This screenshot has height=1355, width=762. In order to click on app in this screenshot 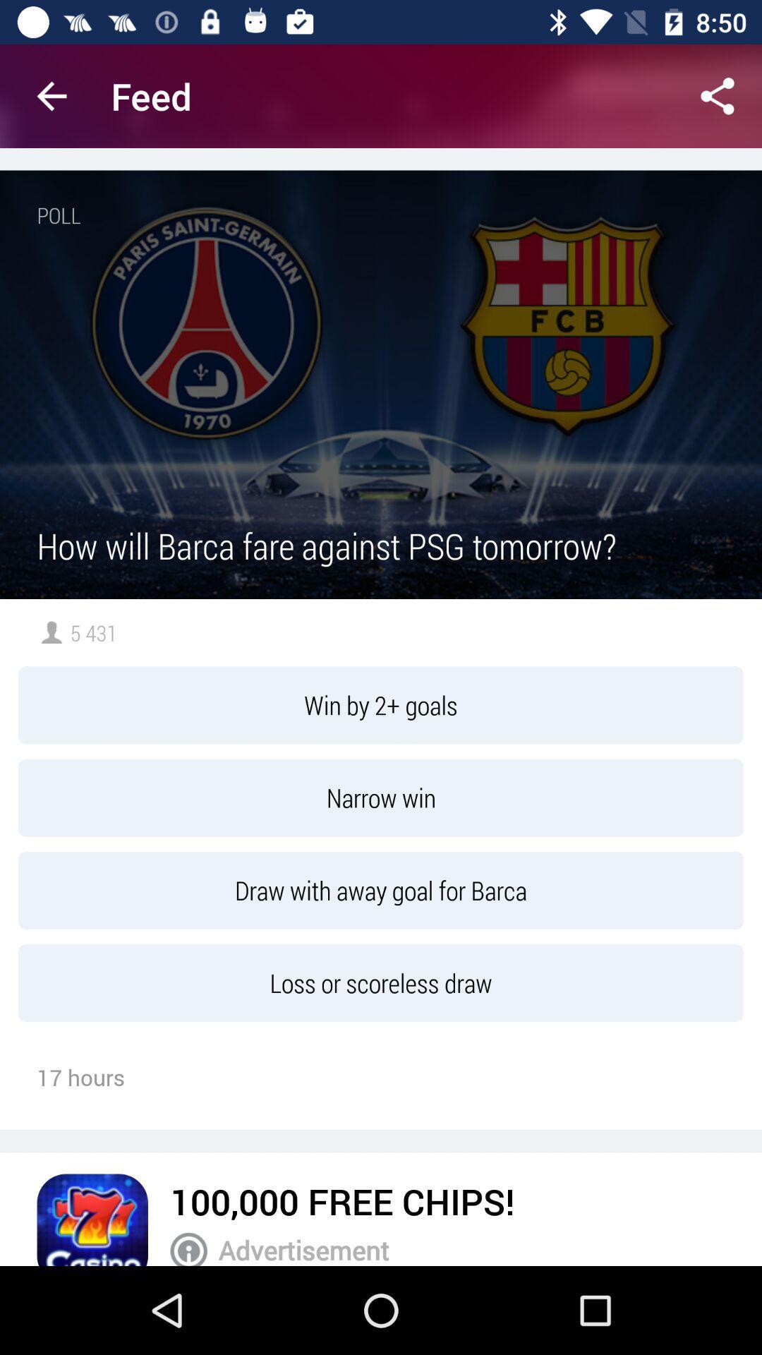, I will do `click(92, 1219)`.